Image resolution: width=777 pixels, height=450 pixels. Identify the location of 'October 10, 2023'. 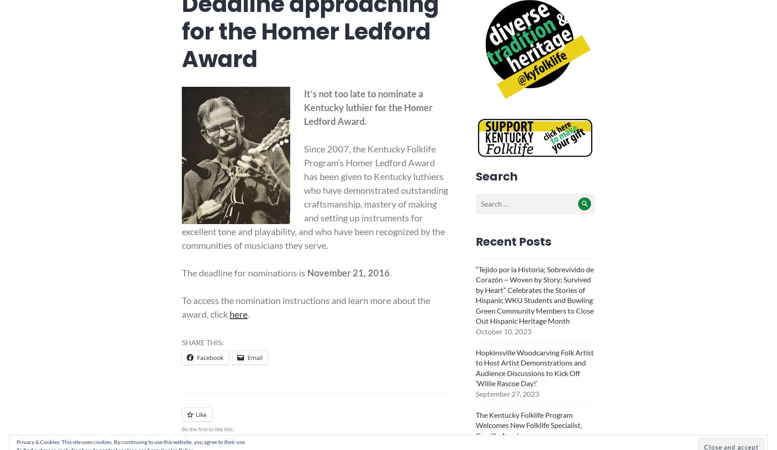
(503, 331).